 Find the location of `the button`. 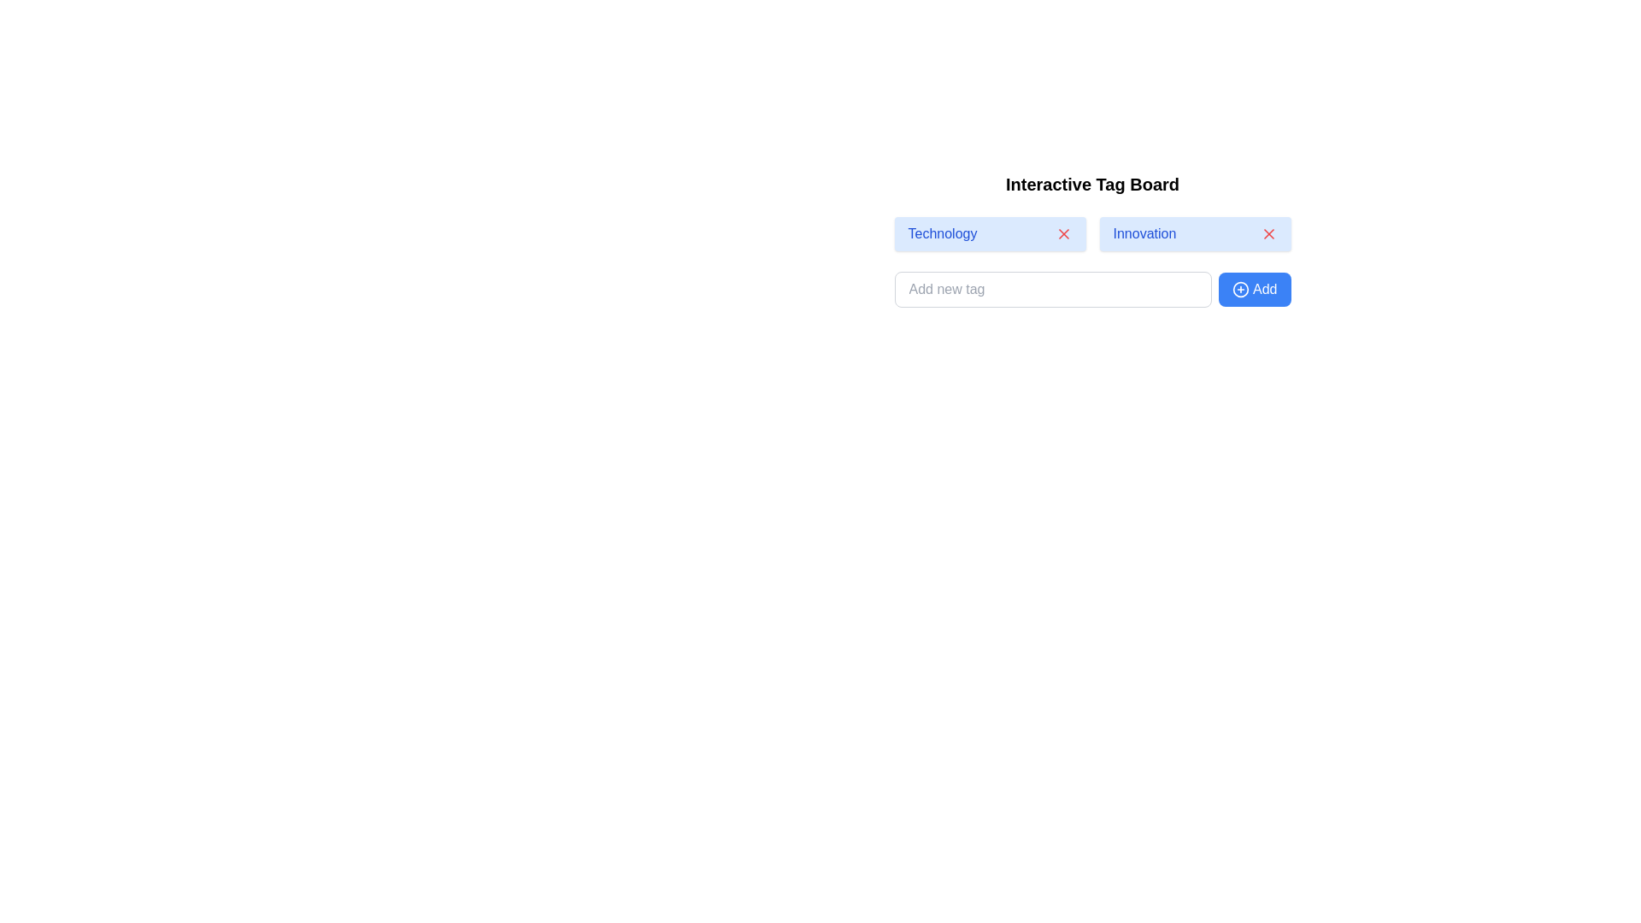

the button is located at coordinates (1255, 289).